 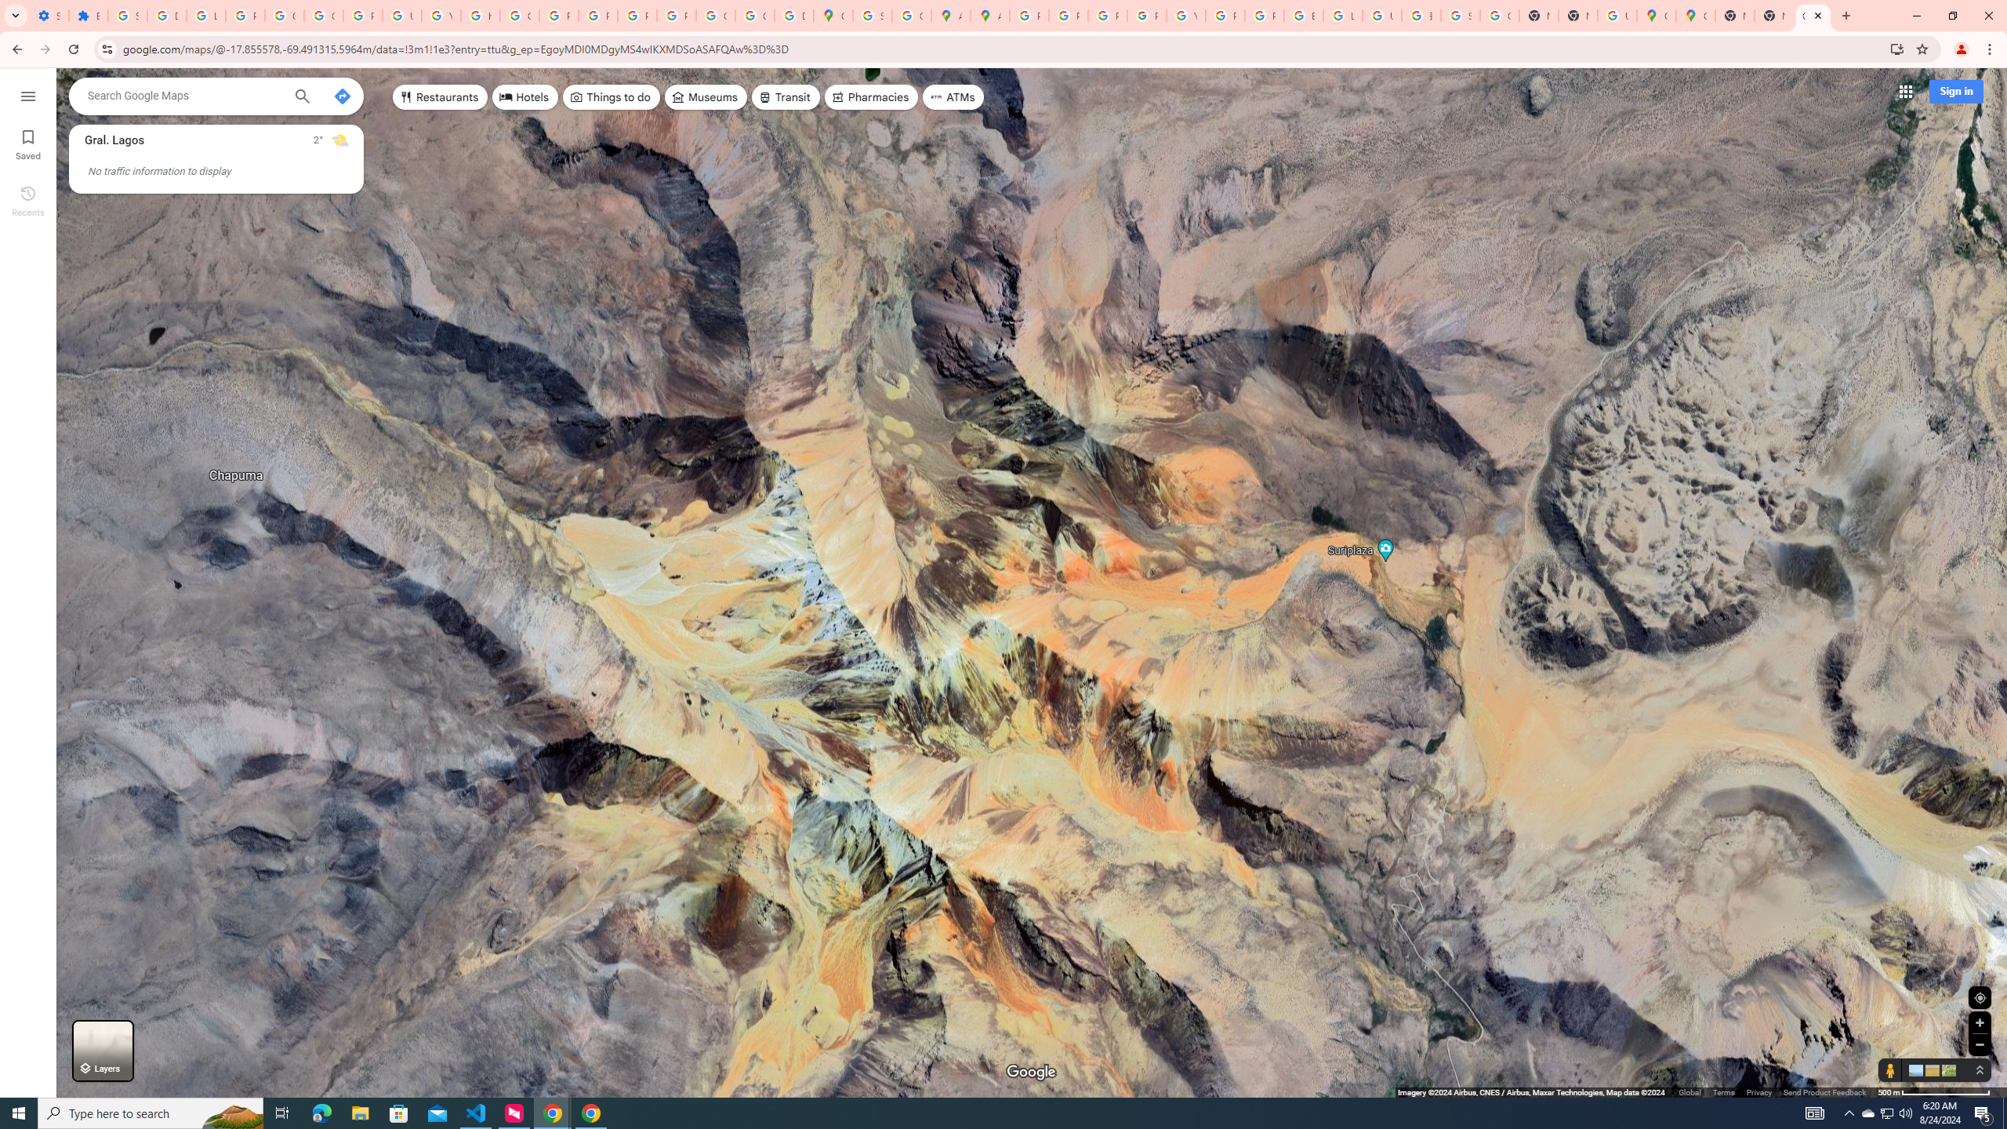 What do you see at coordinates (524, 96) in the screenshot?
I see `'Hotels'` at bounding box center [524, 96].